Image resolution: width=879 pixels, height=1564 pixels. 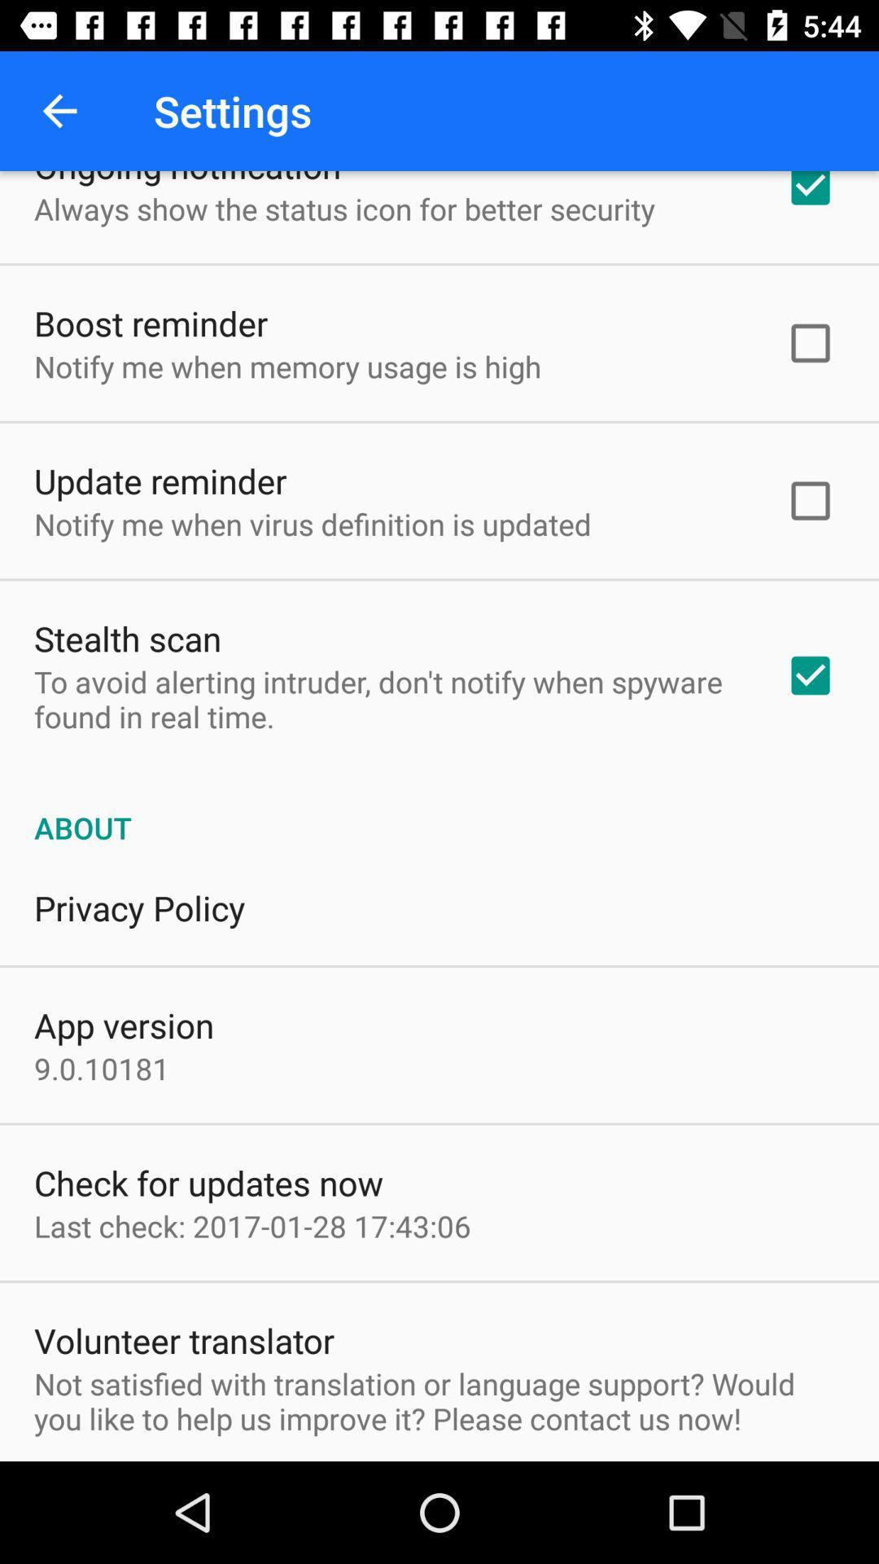 I want to click on icon above 9.0.10181 icon, so click(x=123, y=1024).